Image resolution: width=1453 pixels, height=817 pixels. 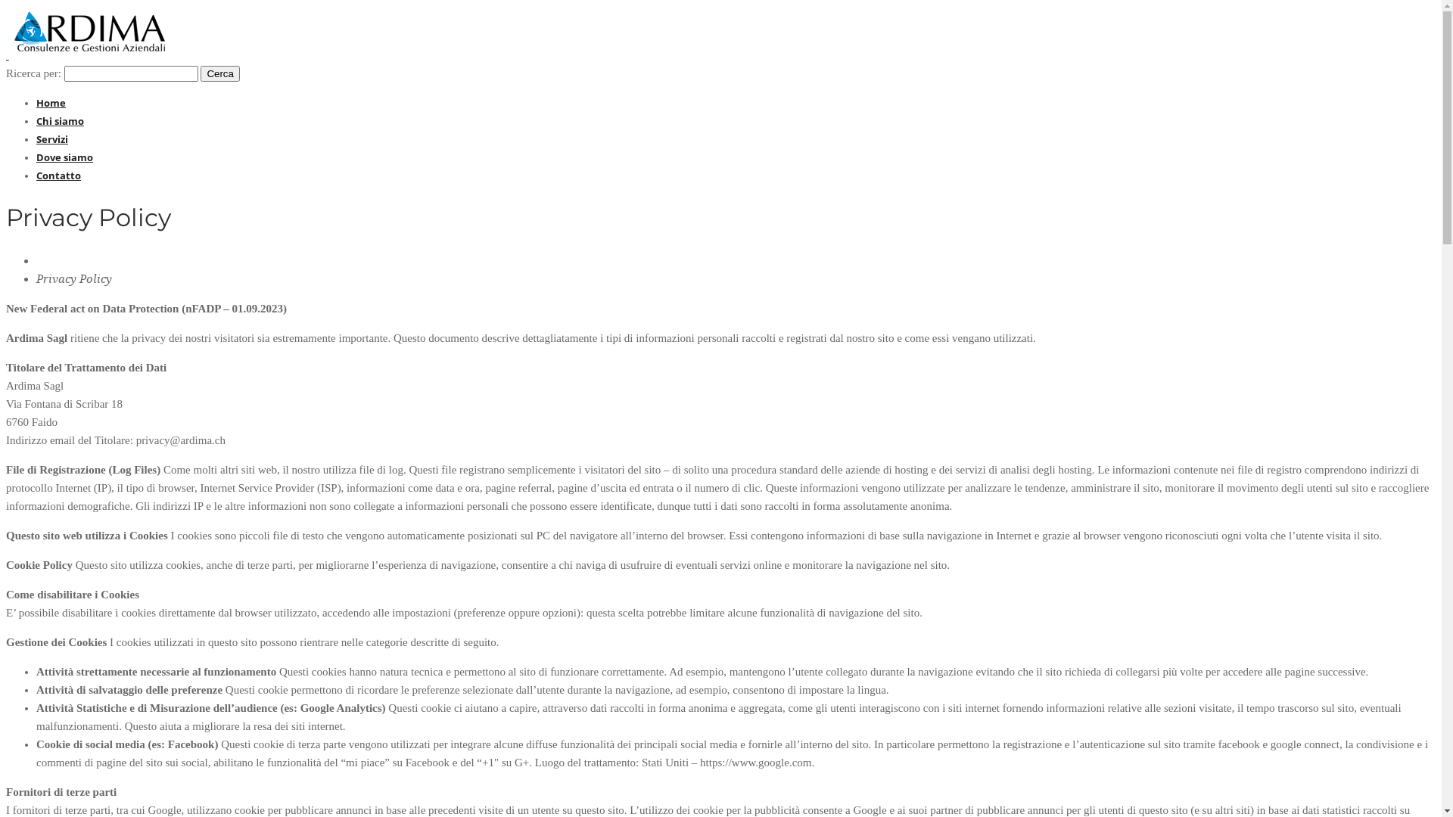 What do you see at coordinates (64, 157) in the screenshot?
I see `'Dove siamo'` at bounding box center [64, 157].